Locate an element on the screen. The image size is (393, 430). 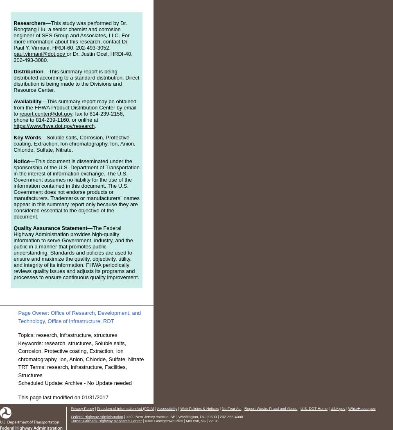
'—This summary report may be obtained from the FHWA Product Distribution Center by email to' is located at coordinates (75, 107).